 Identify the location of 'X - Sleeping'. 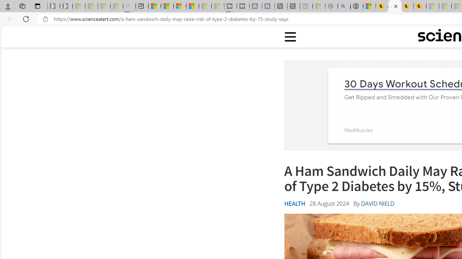
(294, 6).